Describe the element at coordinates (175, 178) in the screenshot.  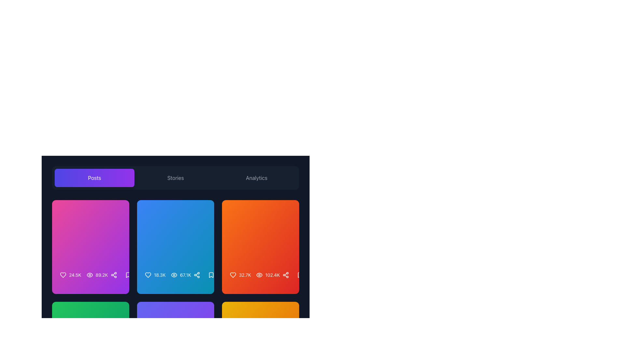
I see `the 'Stories' tab in the Tab navigation bar` at that location.